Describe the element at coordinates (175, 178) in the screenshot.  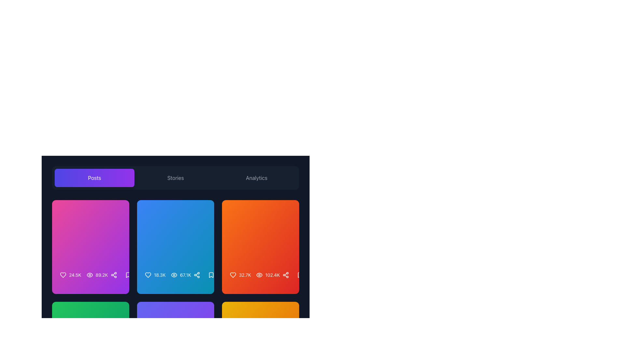
I see `the 'Stories' tab in the Tab navigation bar` at that location.